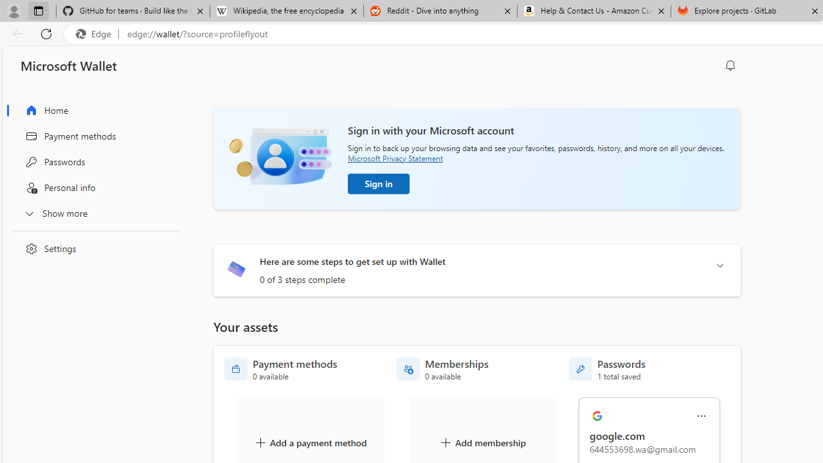 The height and width of the screenshot is (463, 823). What do you see at coordinates (96, 33) in the screenshot?
I see `'Edge'` at bounding box center [96, 33].